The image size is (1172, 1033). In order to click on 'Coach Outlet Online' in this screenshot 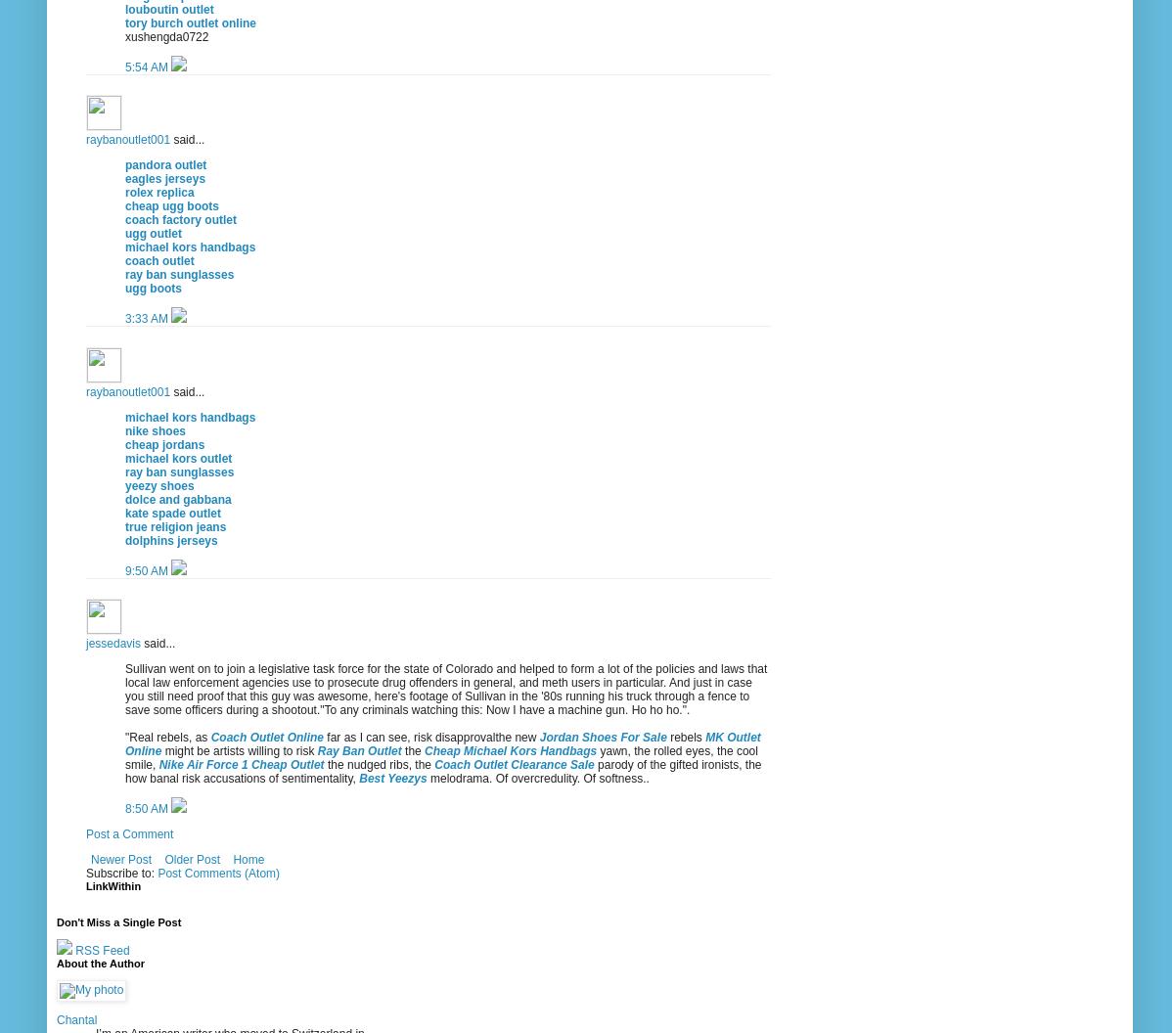, I will do `click(266, 736)`.